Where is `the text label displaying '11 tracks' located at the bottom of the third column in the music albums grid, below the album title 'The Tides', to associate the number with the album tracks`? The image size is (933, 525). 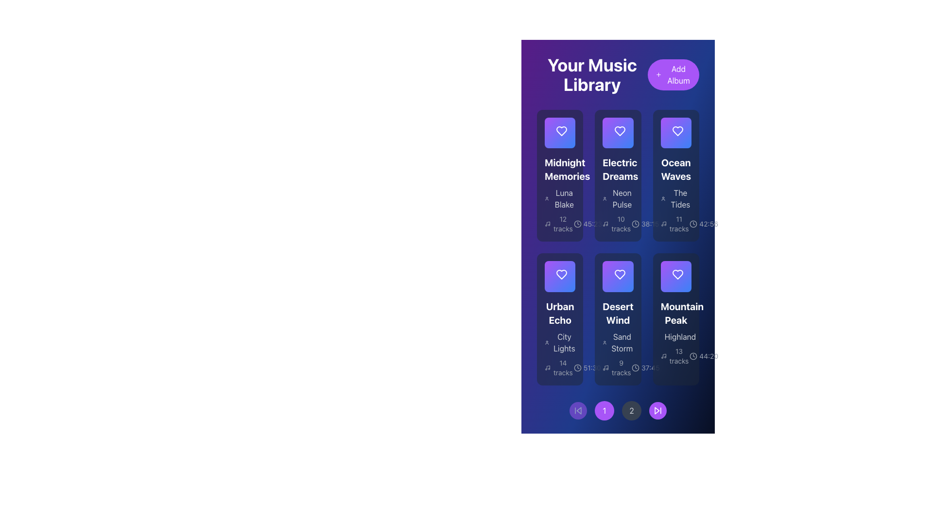
the text label displaying '11 tracks' located at the bottom of the third column in the music albums grid, below the album title 'The Tides', to associate the number with the album tracks is located at coordinates (675, 224).